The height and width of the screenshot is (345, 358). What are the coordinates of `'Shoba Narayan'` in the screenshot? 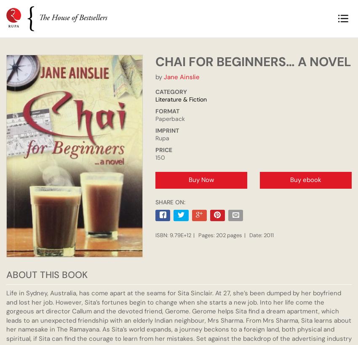 It's located at (286, 142).